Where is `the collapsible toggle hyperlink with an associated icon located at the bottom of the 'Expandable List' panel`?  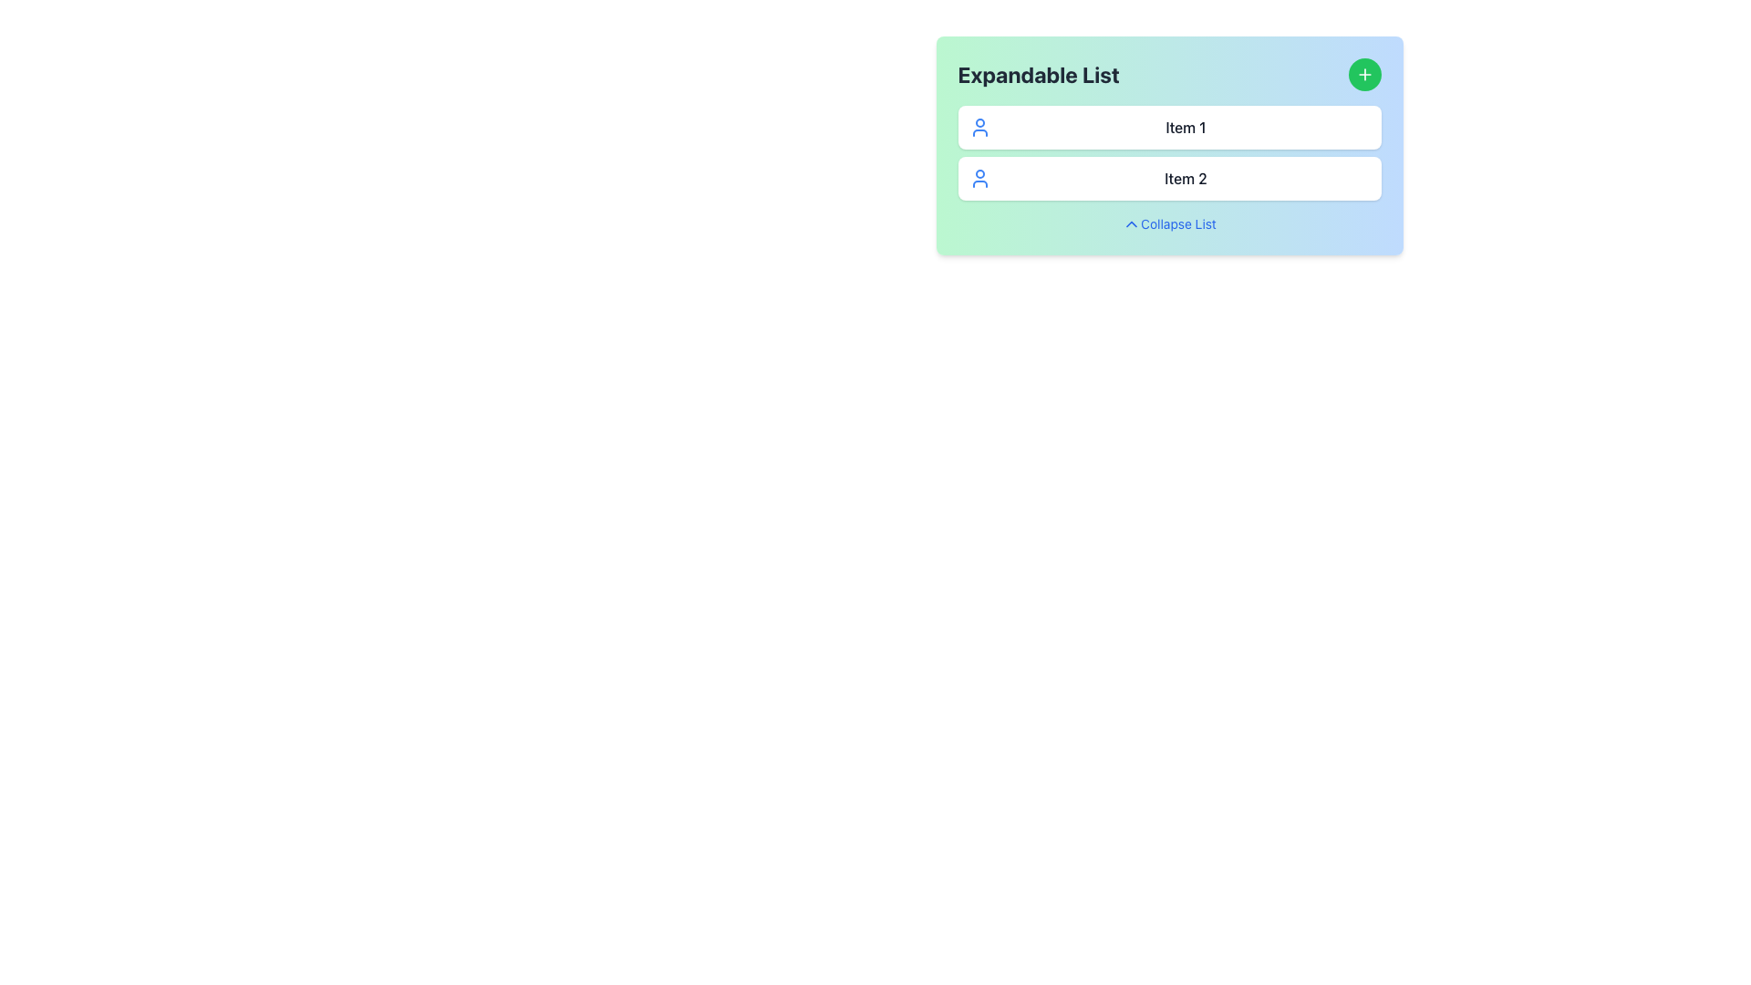
the collapsible toggle hyperlink with an associated icon located at the bottom of the 'Expandable List' panel is located at coordinates (1169, 223).